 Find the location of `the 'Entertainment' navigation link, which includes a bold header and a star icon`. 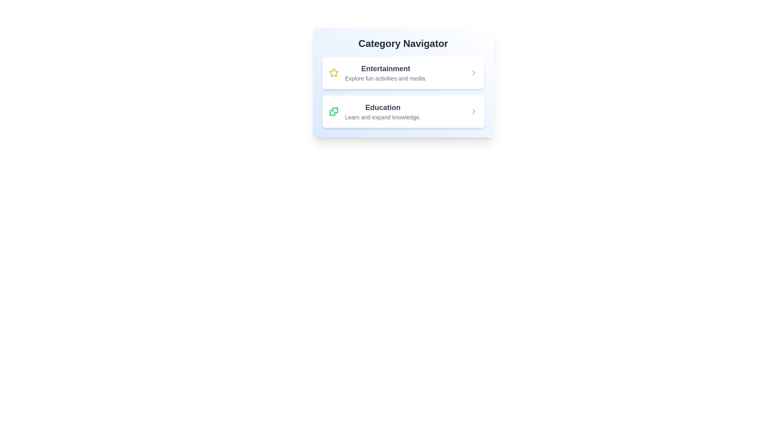

the 'Entertainment' navigation link, which includes a bold header and a star icon is located at coordinates (377, 73).